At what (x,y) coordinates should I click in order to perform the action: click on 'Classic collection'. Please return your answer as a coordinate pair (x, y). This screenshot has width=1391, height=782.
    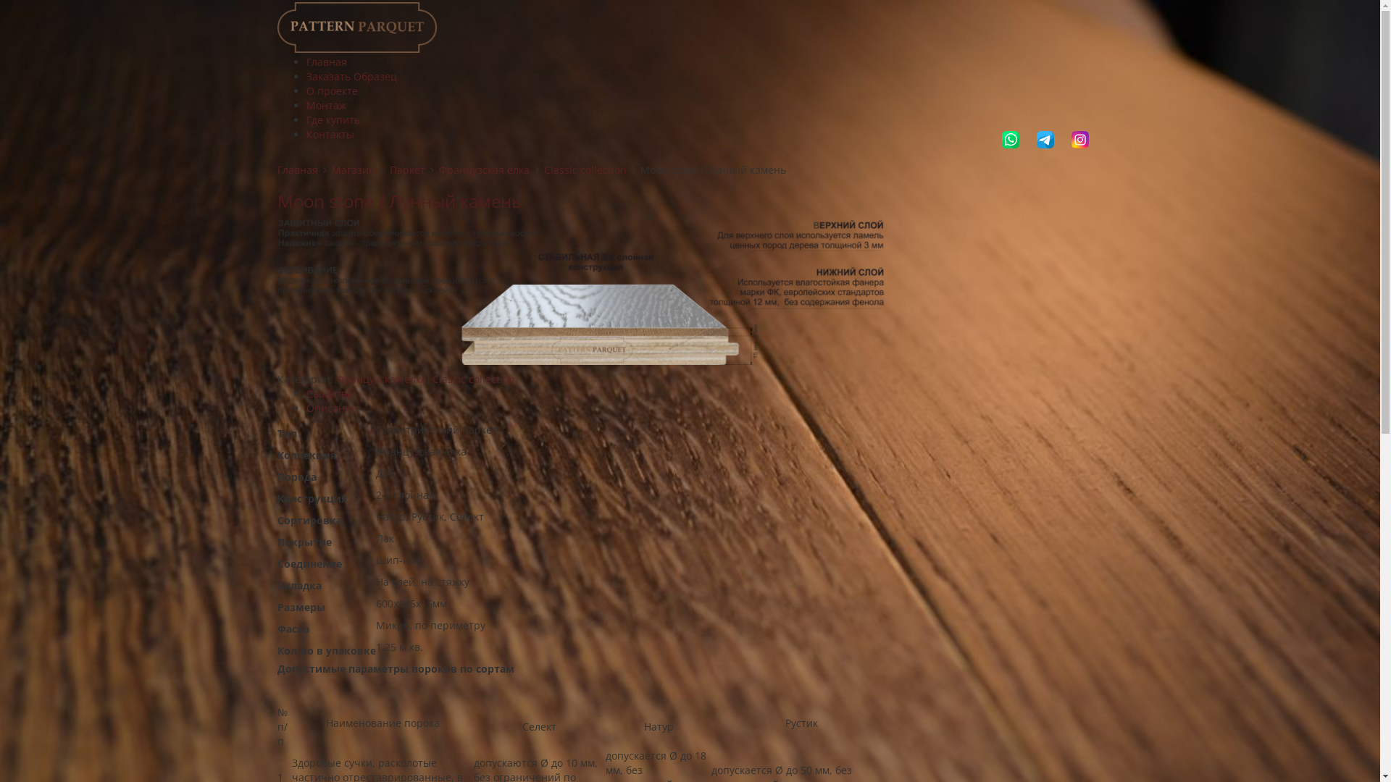
    Looking at the image, I should click on (543, 169).